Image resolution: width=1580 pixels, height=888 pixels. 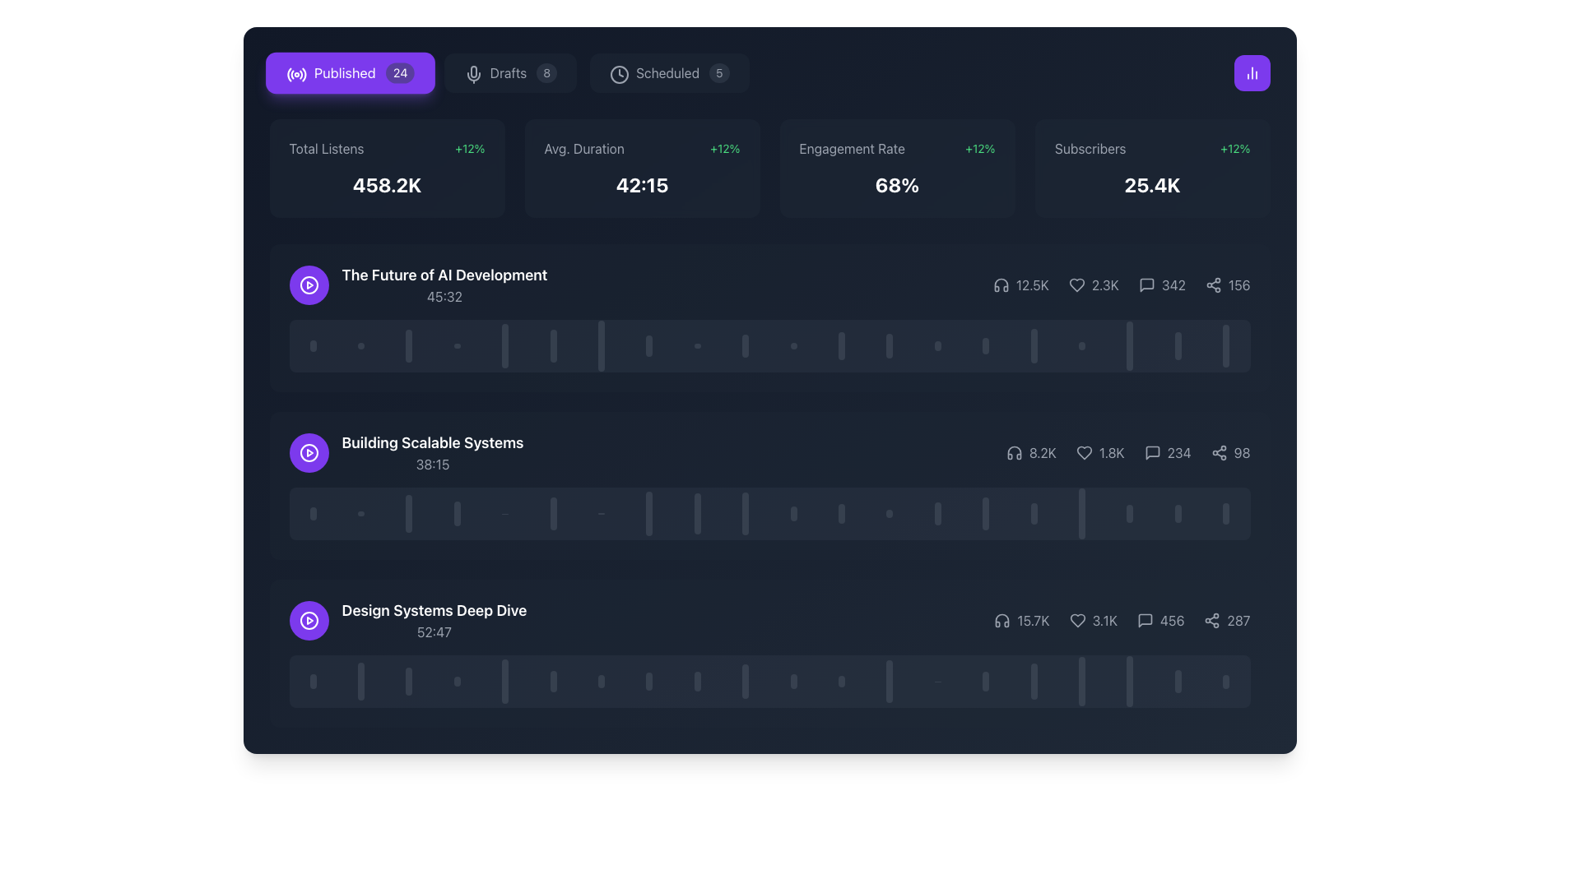 What do you see at coordinates (769, 72) in the screenshot?
I see `the 'Published', 'Drafts', or 'Scheduled' tab in the Tab navigation bar` at bounding box center [769, 72].